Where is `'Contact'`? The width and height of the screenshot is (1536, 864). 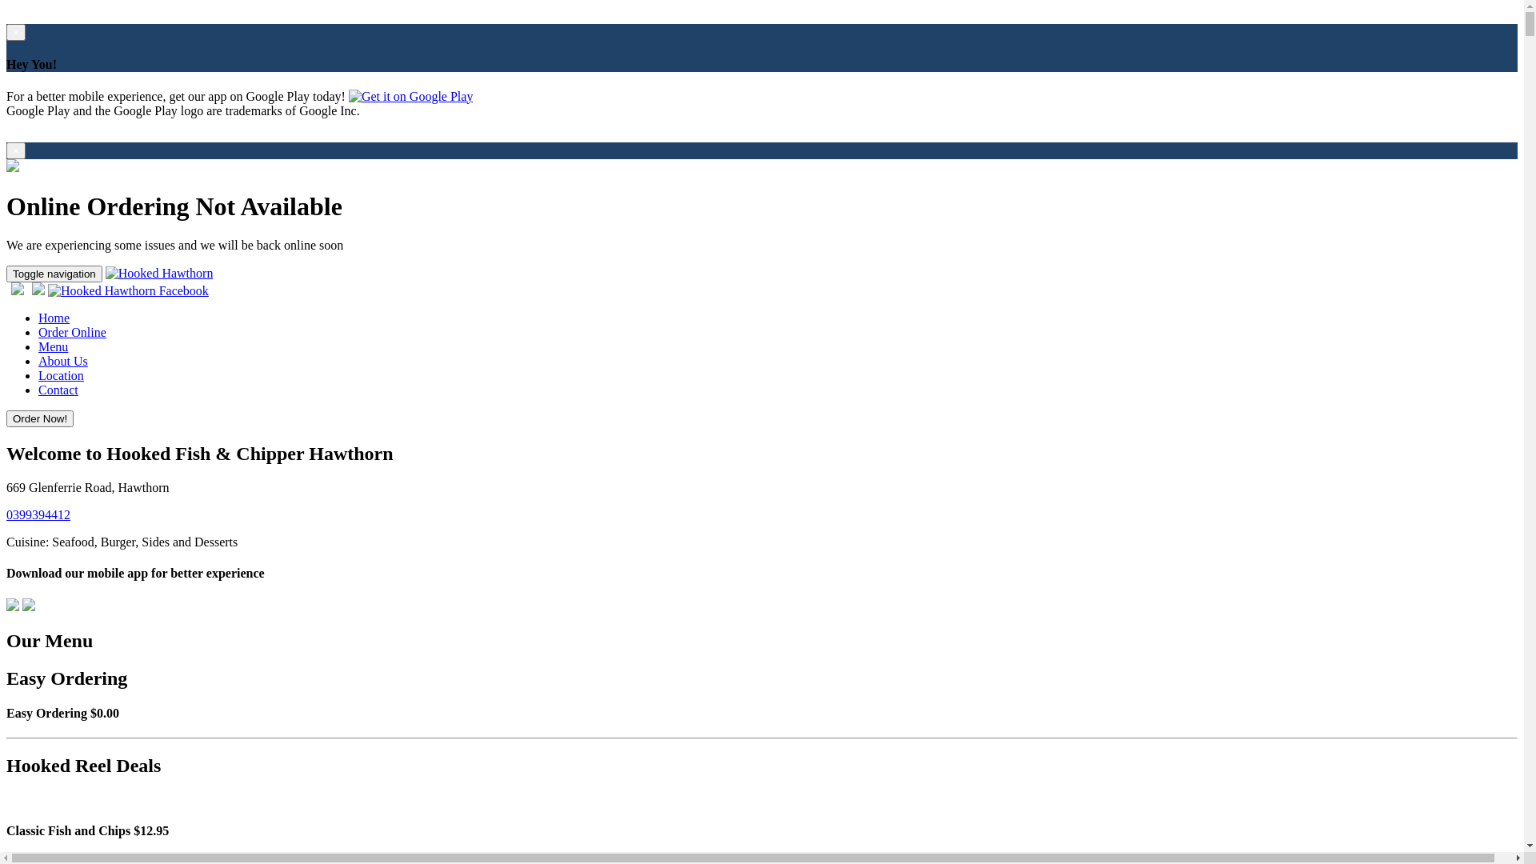 'Contact' is located at coordinates (58, 390).